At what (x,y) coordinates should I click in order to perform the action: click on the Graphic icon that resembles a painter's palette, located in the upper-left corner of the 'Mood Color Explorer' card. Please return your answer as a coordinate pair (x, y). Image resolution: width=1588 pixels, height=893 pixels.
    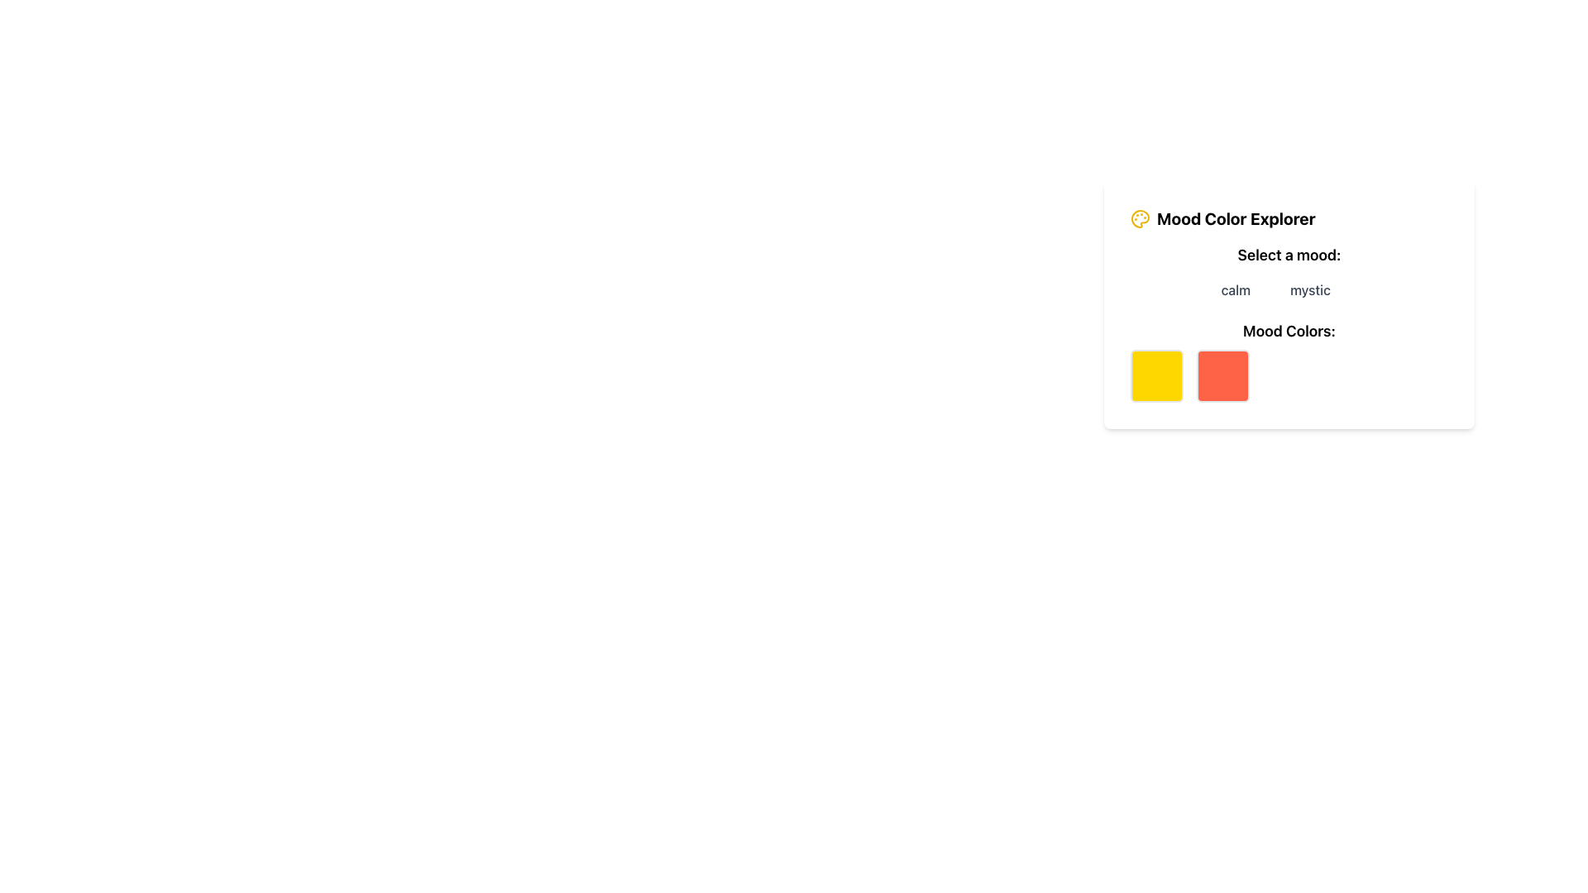
    Looking at the image, I should click on (1139, 218).